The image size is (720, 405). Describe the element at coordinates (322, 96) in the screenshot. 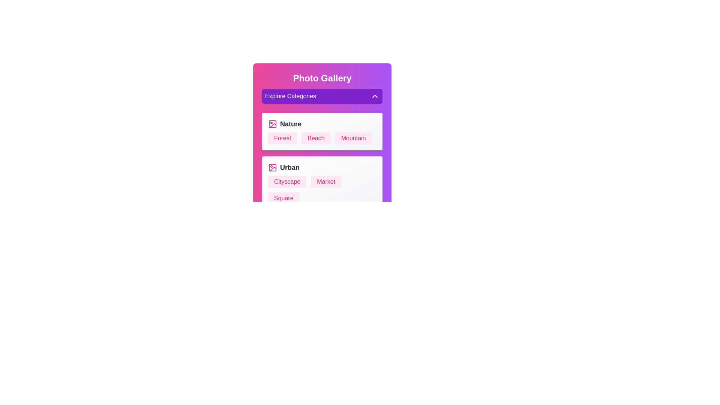

I see `'Explore Categories' button to toggle the category list` at that location.